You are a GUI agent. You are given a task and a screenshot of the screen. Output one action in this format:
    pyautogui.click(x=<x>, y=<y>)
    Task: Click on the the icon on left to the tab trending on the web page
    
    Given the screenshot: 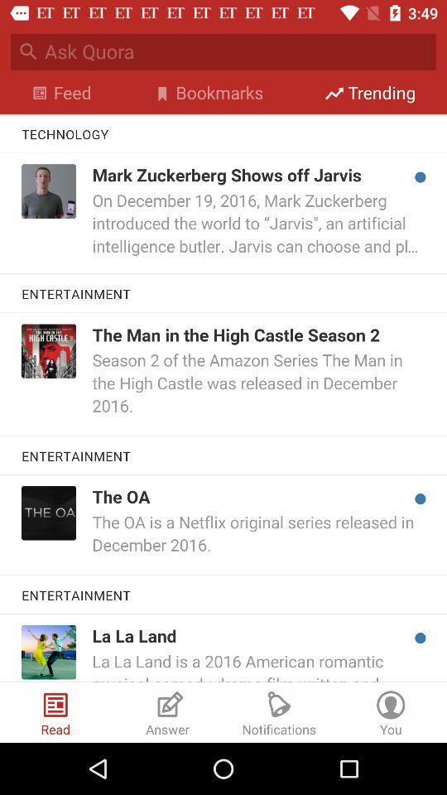 What is the action you would take?
    pyautogui.click(x=334, y=93)
    